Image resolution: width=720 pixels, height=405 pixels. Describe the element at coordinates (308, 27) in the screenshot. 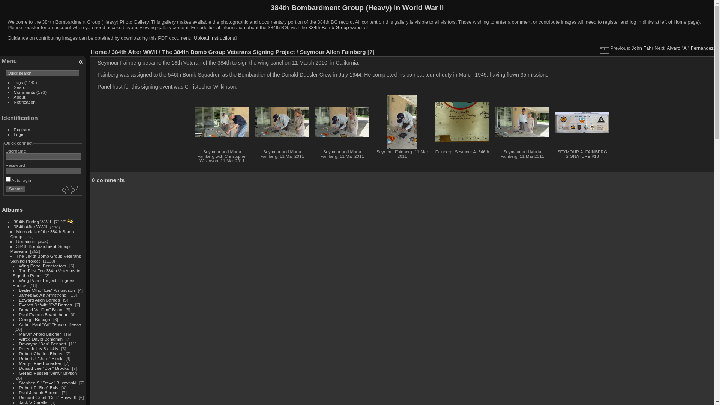

I see `'384th Bomb Group website'` at that location.